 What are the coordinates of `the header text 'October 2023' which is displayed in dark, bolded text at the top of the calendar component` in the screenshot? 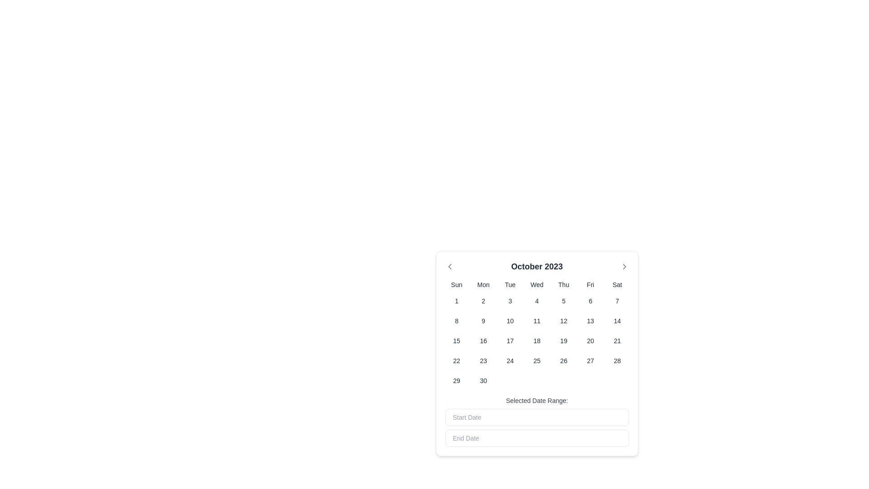 It's located at (537, 266).